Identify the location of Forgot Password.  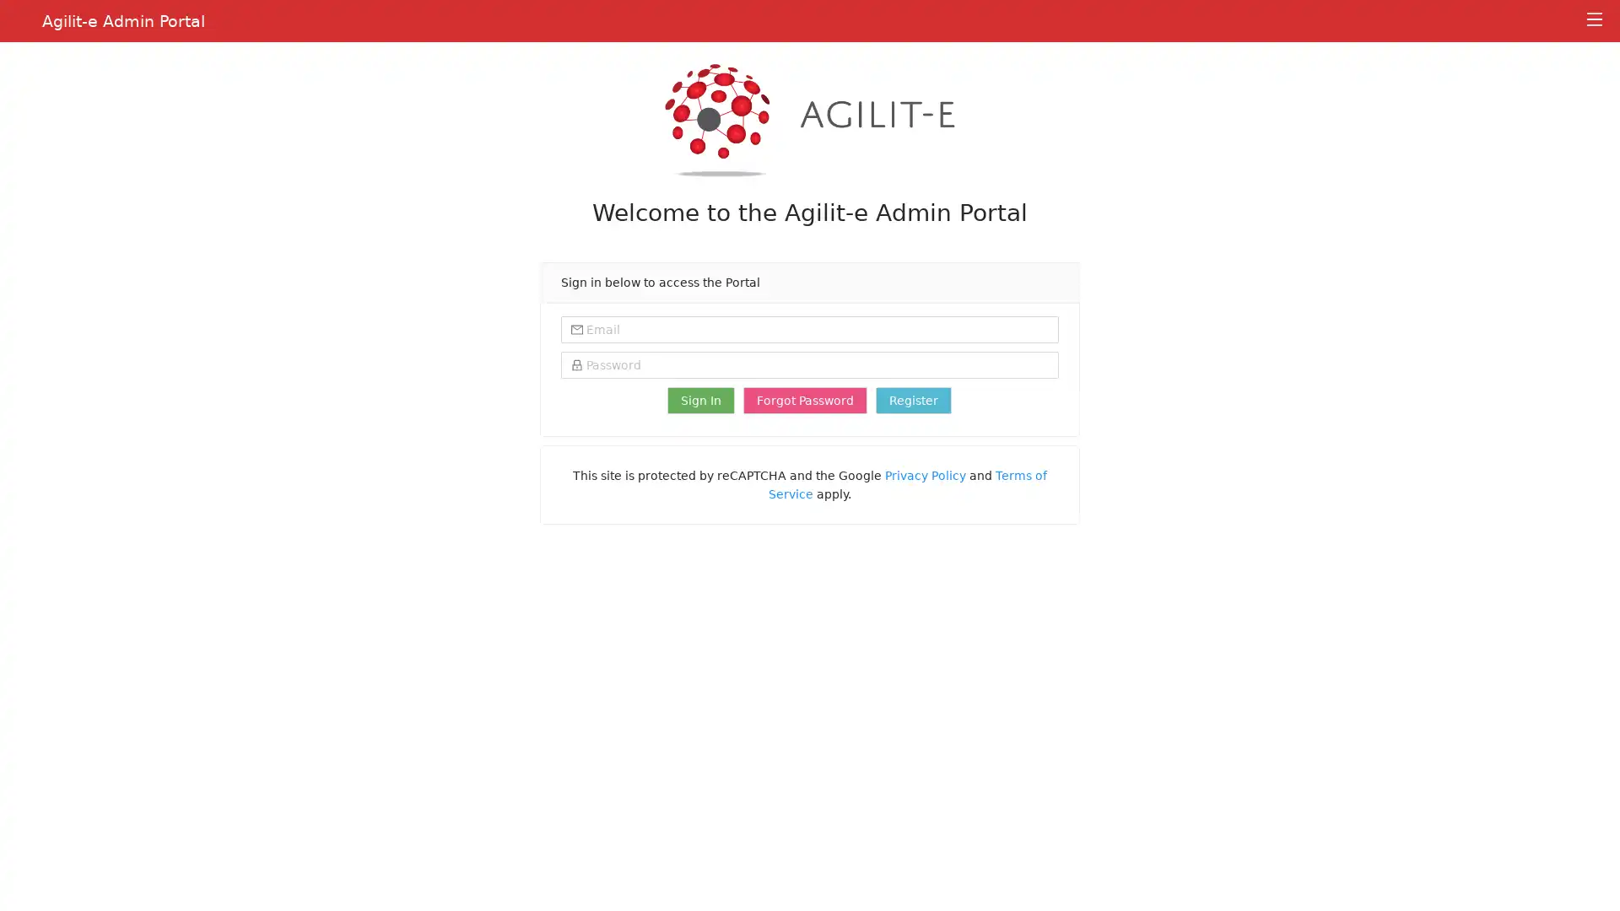
(804, 400).